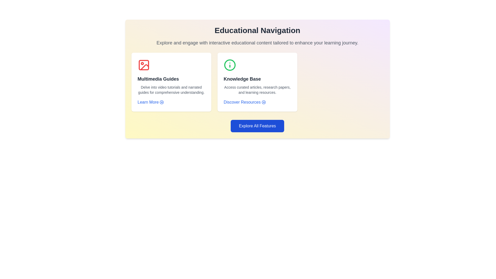 This screenshot has height=279, width=496. What do you see at coordinates (161, 102) in the screenshot?
I see `the decorative SVG circle graphic element located in the center-right region of the card labeled 'Multimedia Guides', which is part of an icon next to the 'Learn More' link` at bounding box center [161, 102].